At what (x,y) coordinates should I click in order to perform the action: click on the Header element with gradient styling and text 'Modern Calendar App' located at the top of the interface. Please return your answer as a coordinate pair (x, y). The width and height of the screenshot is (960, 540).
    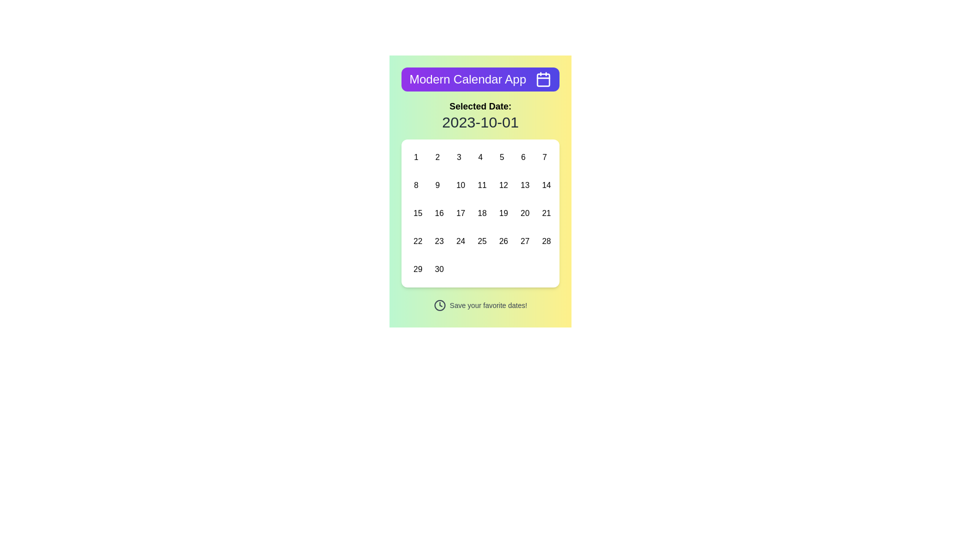
    Looking at the image, I should click on (480, 78).